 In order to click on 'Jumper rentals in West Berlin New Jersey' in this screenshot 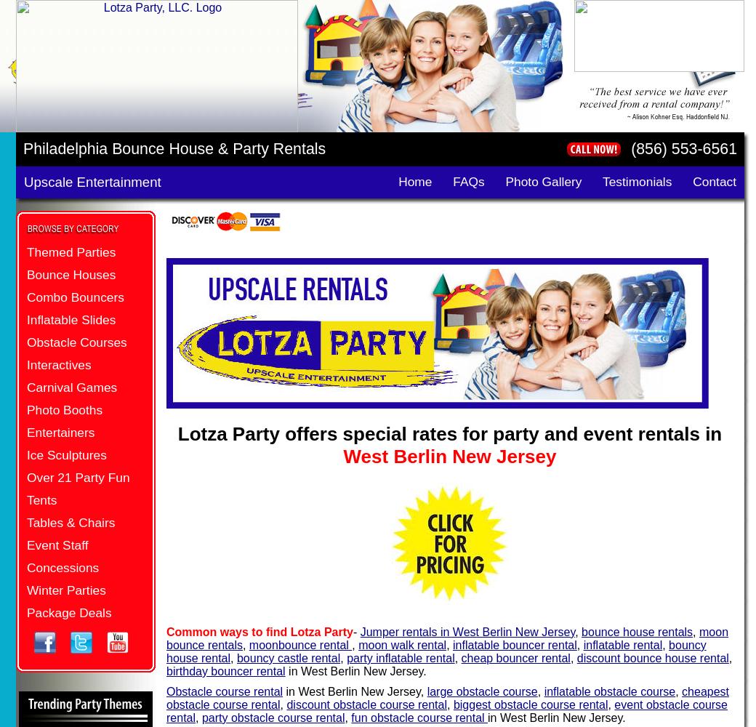, I will do `click(467, 630)`.